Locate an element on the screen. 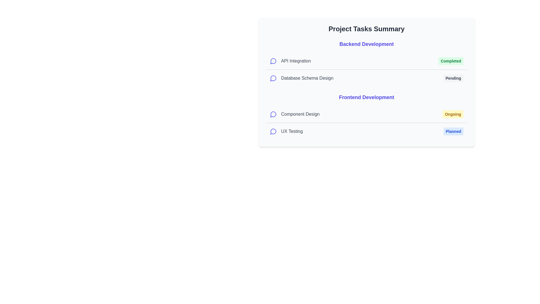  the static text label in the third row under the 'Frontend Development' section, which is aligned to the right of the message bubble icon is located at coordinates (300, 114).